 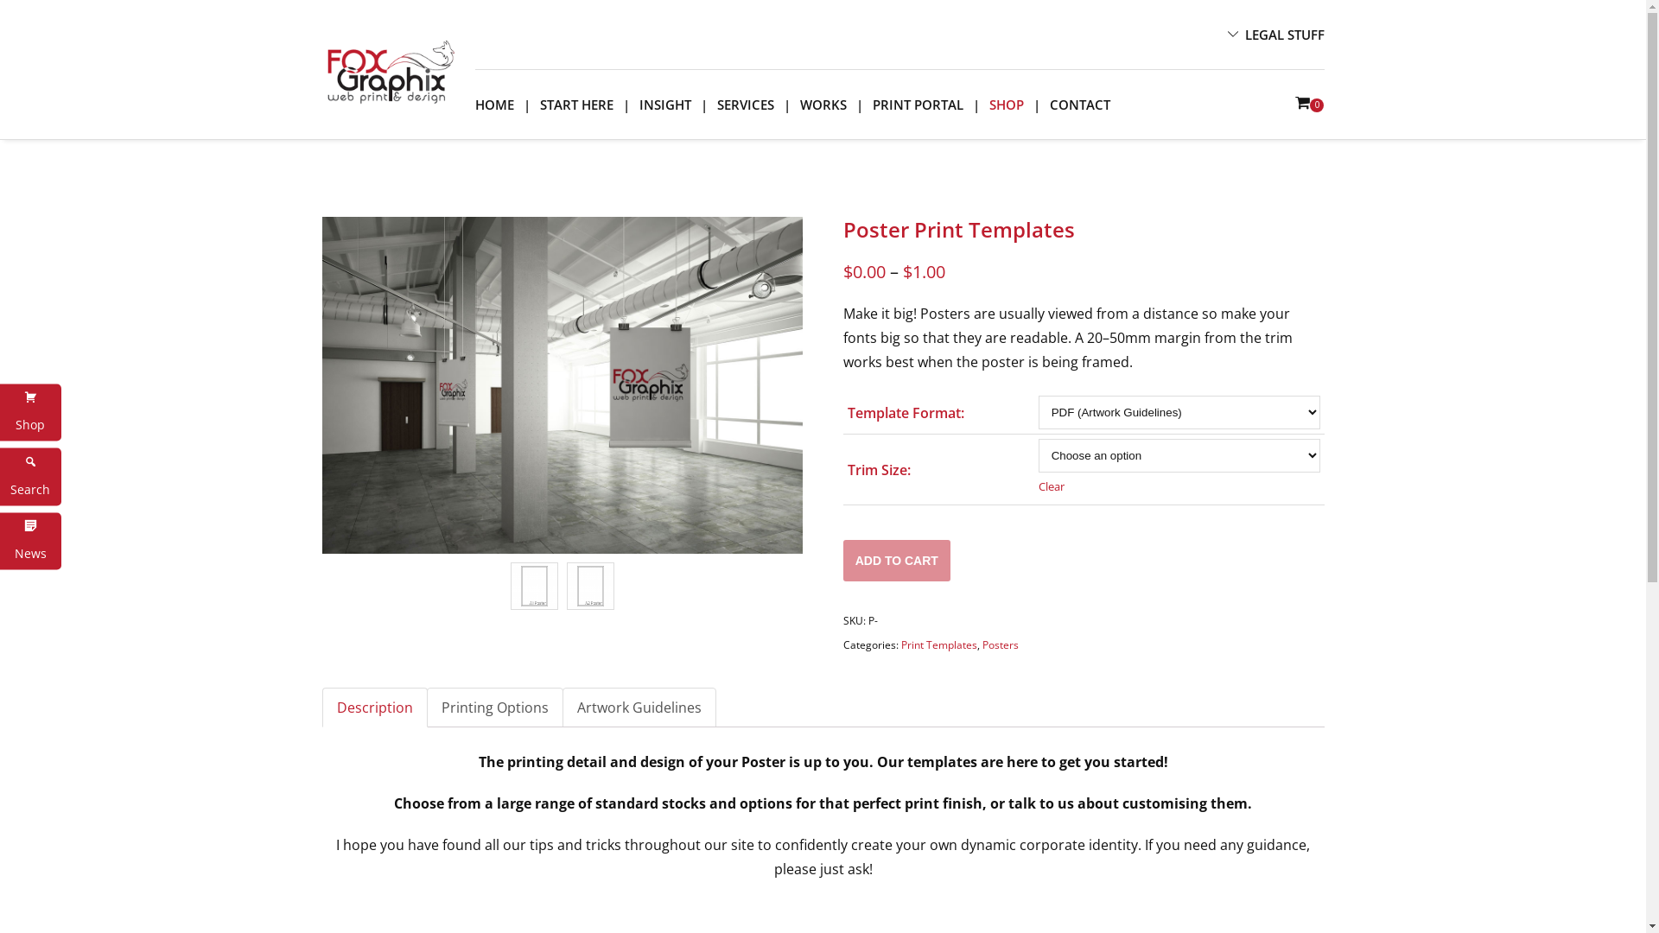 What do you see at coordinates (896, 560) in the screenshot?
I see `'ADD TO CART'` at bounding box center [896, 560].